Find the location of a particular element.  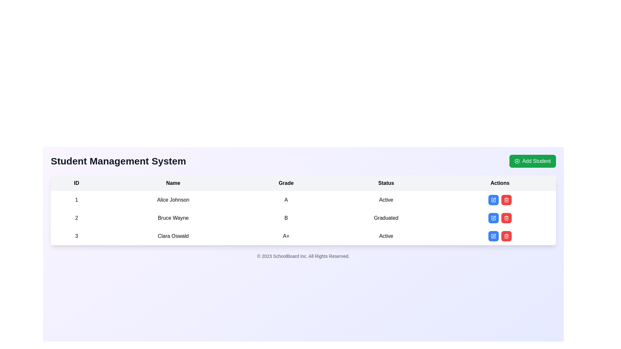

the Edit icon button, which is a white pencil icon on a circular blue background, located in the first button of the action column for the second row (Bruce Wayne) is located at coordinates (493, 218).